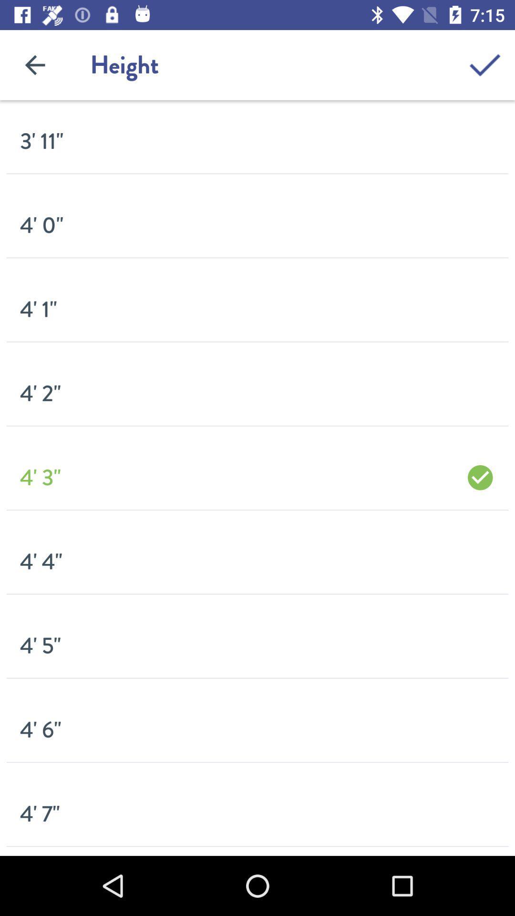 Image resolution: width=515 pixels, height=916 pixels. What do you see at coordinates (480, 478) in the screenshot?
I see `the item next to 4' 3"` at bounding box center [480, 478].